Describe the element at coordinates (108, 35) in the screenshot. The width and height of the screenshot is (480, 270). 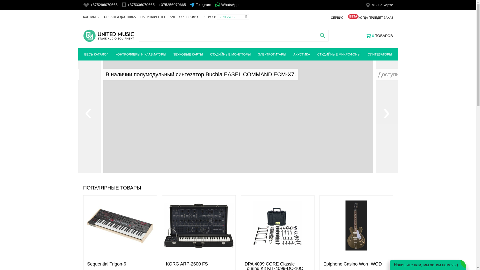
I see `'United Music'` at that location.